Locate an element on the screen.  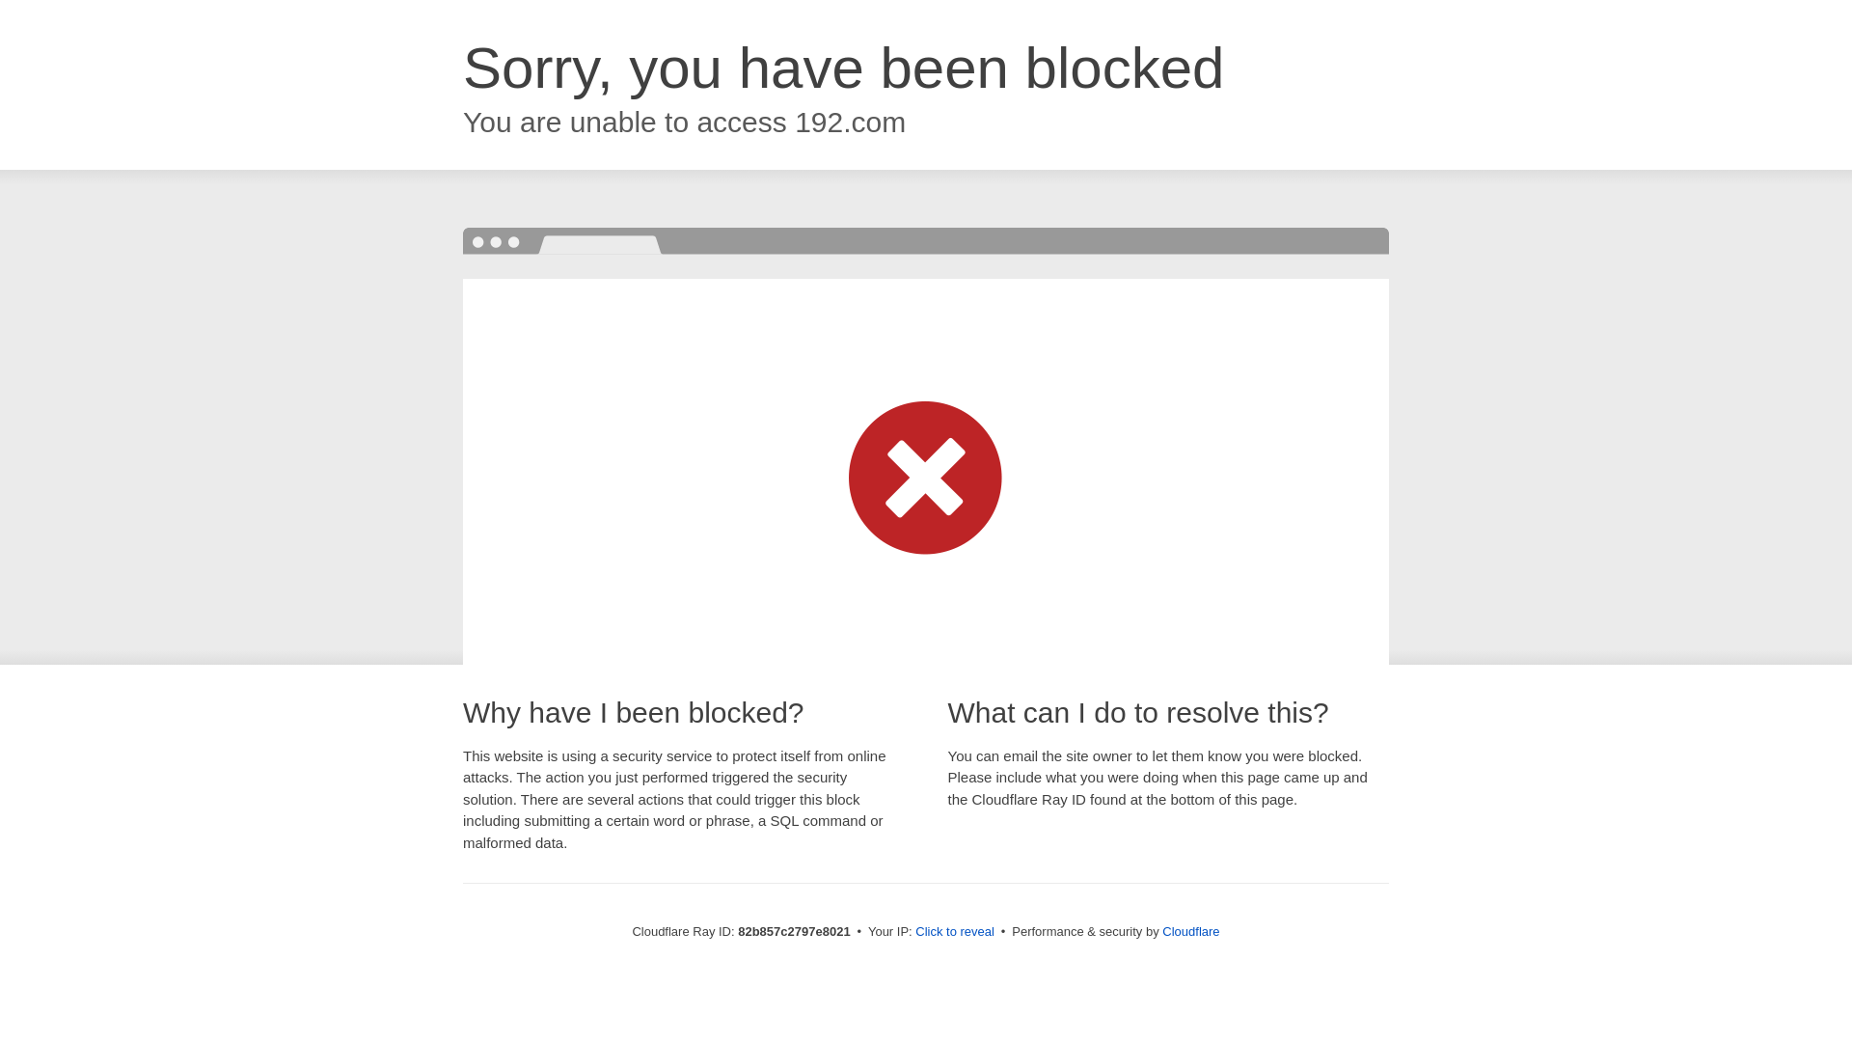
'Click to reveal' is located at coordinates (954, 930).